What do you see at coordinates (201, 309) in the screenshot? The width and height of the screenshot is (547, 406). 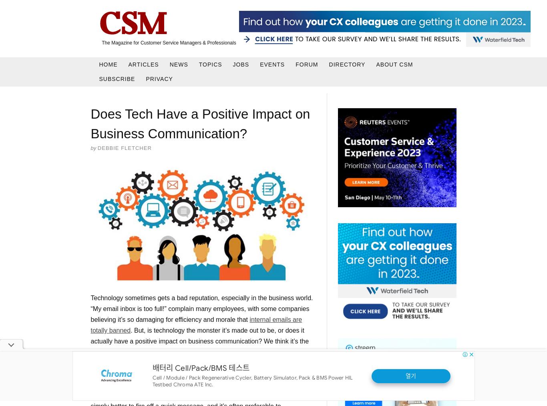 I see `'Technology sometimes gets a bad reputation, especially in the business world. “My email inbox is too full!” complain many employees, with some companies believing it’s so damaging for efficiency and morale that'` at bounding box center [201, 309].